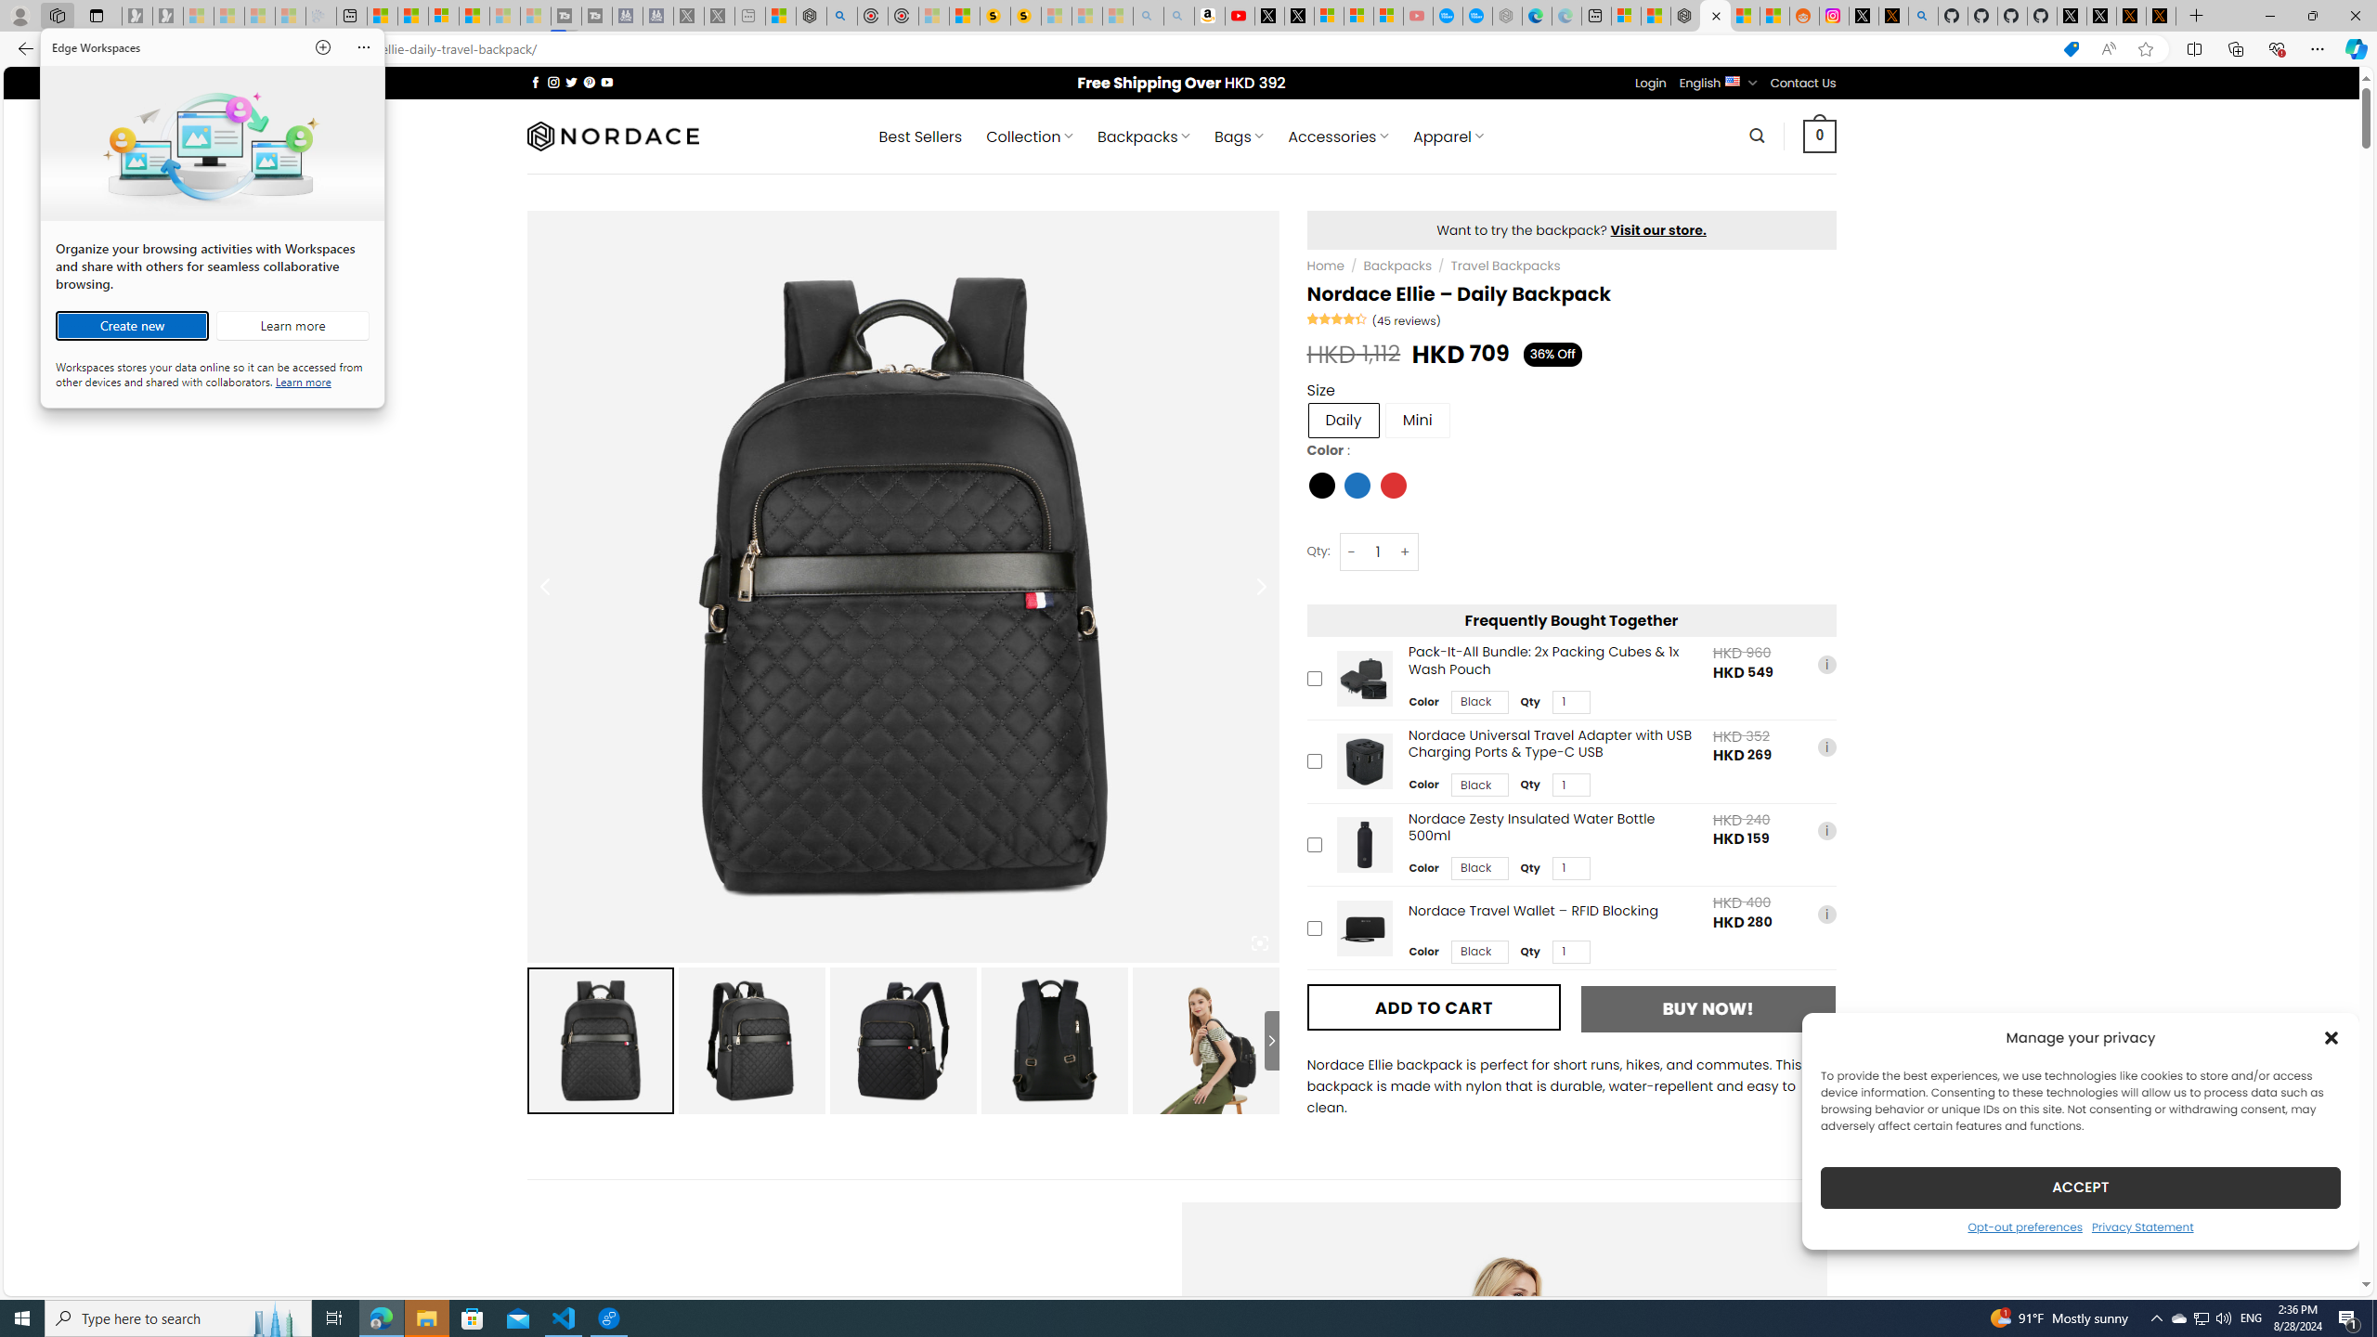  What do you see at coordinates (564, 1317) in the screenshot?
I see `'Visual Studio Code - 1 running window'` at bounding box center [564, 1317].